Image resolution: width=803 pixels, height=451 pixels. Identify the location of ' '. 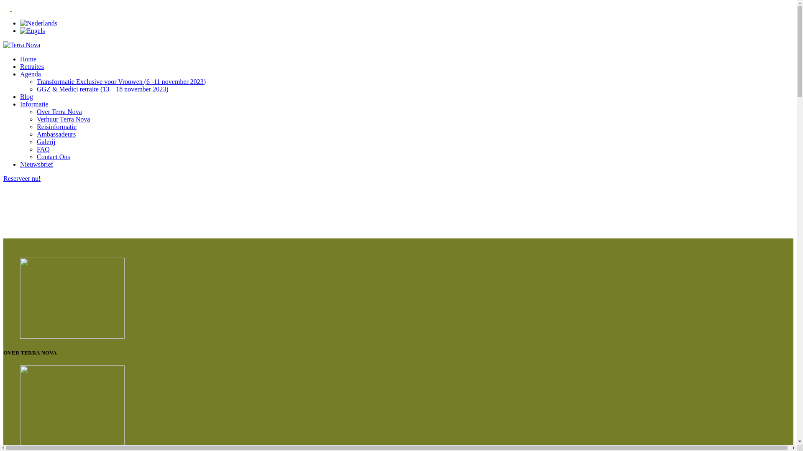
(10, 8).